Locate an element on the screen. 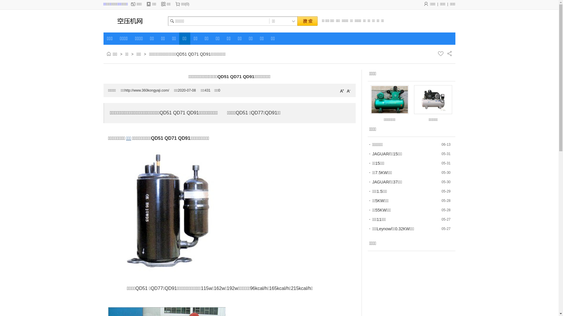  'http://www.360kongyaji.com/' is located at coordinates (147, 90).